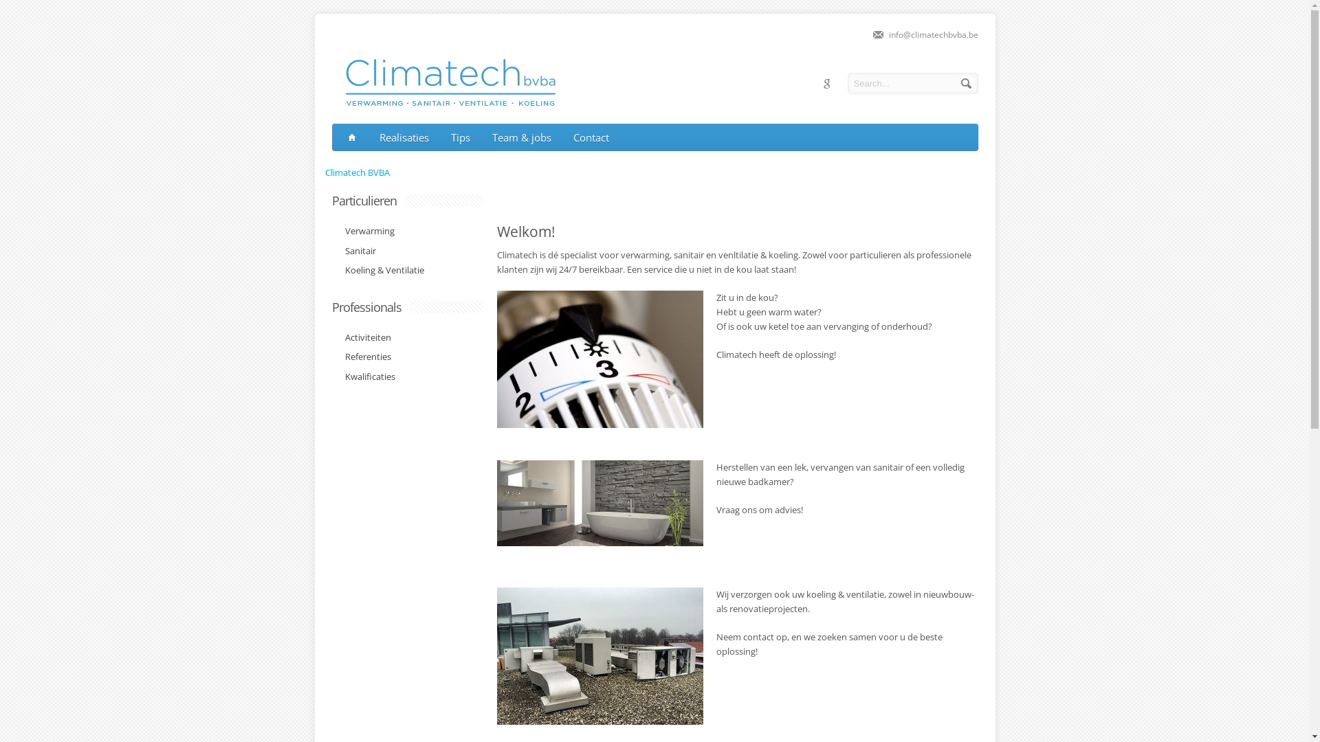  Describe the element at coordinates (356, 251) in the screenshot. I see `'Sanitair'` at that location.